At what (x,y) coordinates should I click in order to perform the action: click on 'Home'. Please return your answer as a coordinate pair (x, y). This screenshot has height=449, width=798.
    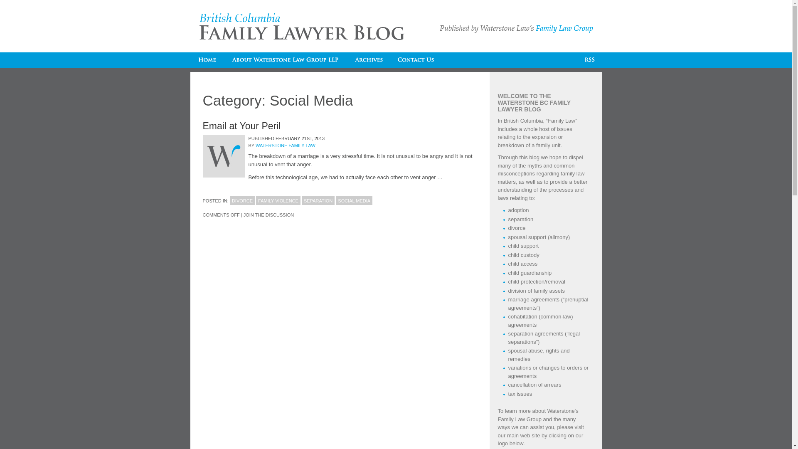
    Looking at the image, I should click on (207, 59).